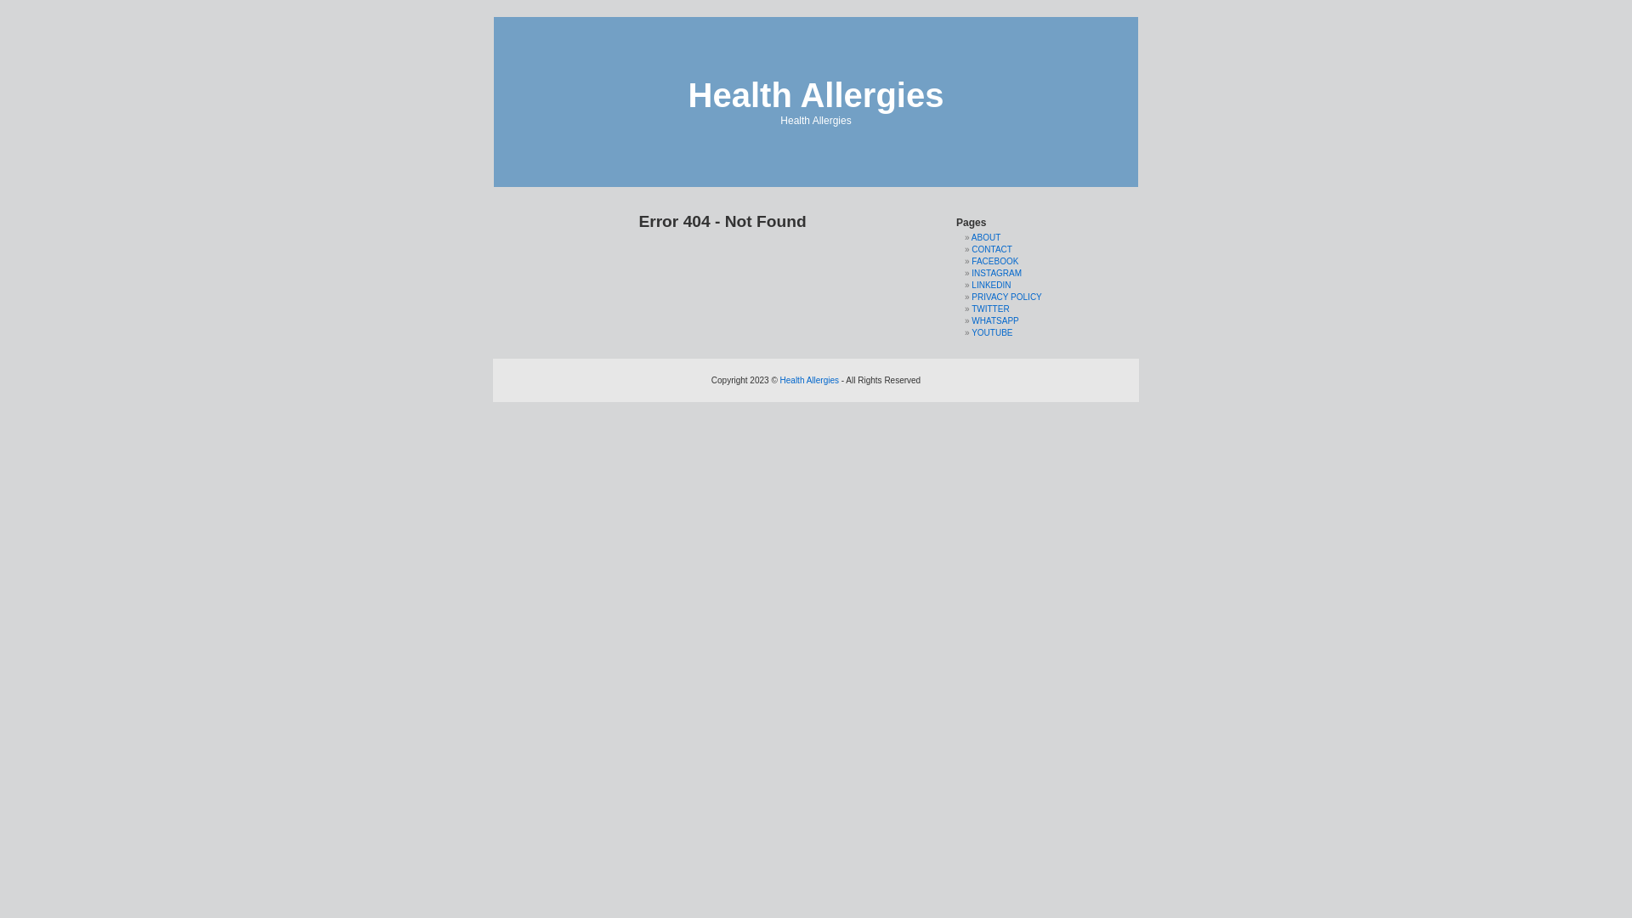  Describe the element at coordinates (991, 332) in the screenshot. I see `'YOUTUBE'` at that location.